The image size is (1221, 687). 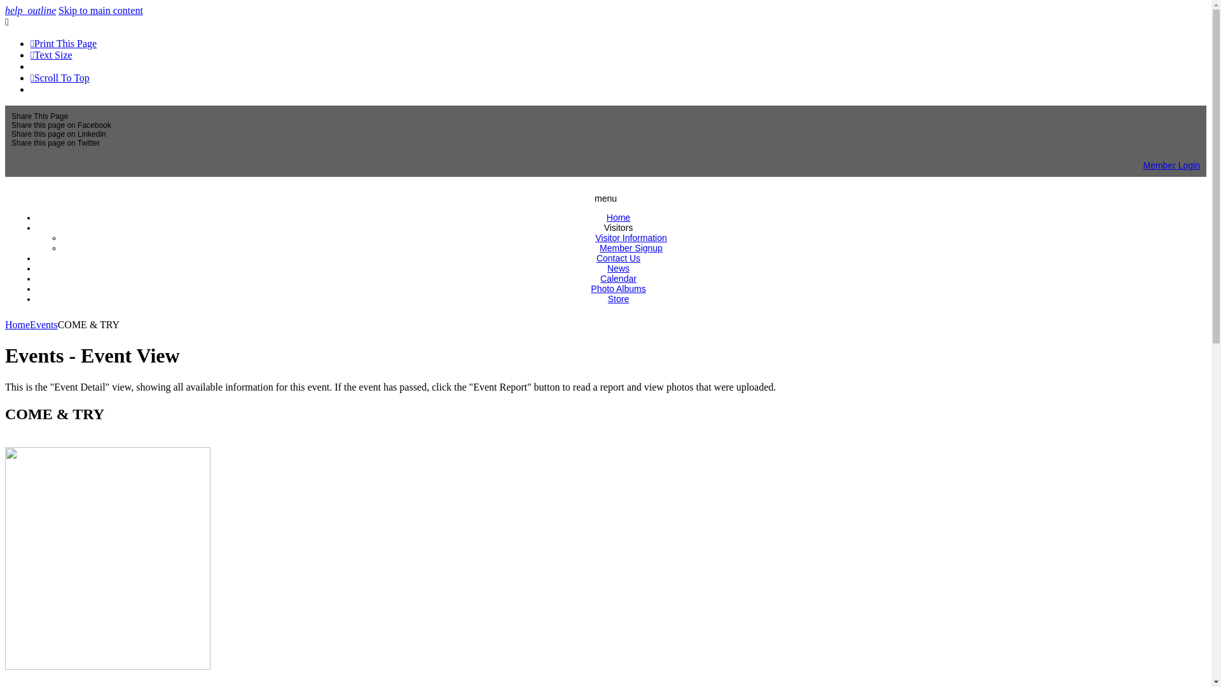 I want to click on 'Contact Us', so click(x=618, y=258).